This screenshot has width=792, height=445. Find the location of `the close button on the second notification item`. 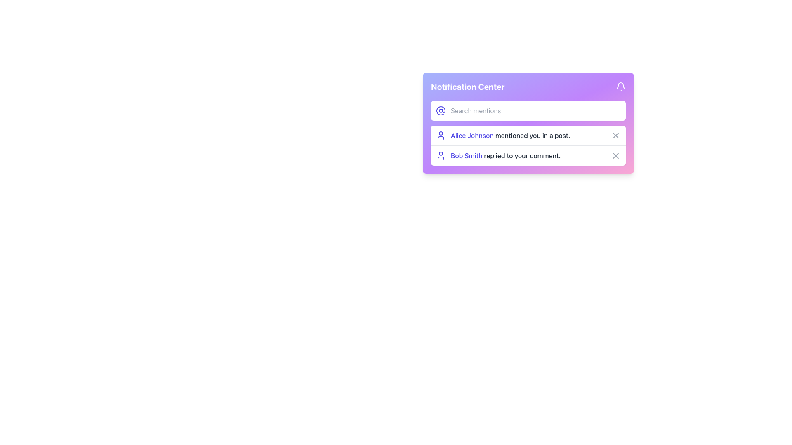

the close button on the second notification item is located at coordinates (615, 135).